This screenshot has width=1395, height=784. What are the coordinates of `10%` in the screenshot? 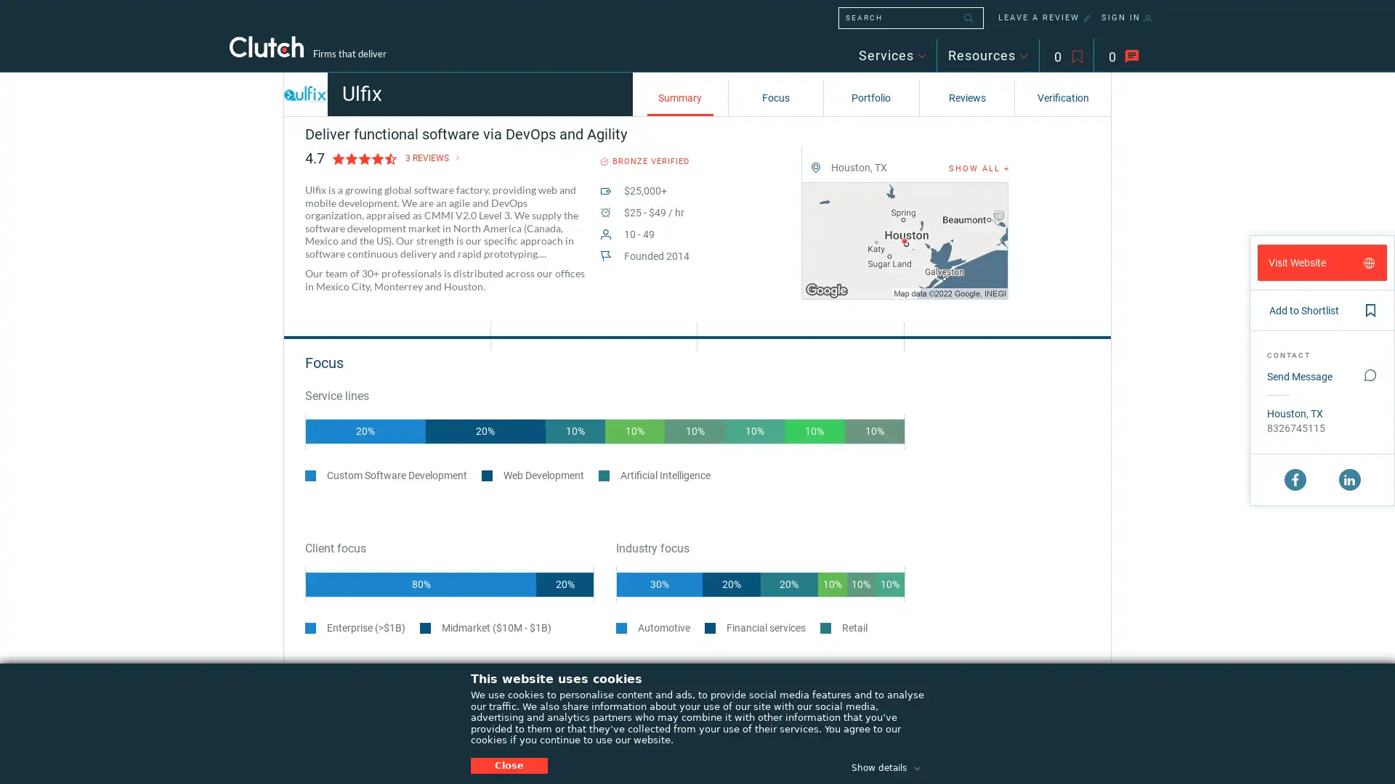 It's located at (693, 430).